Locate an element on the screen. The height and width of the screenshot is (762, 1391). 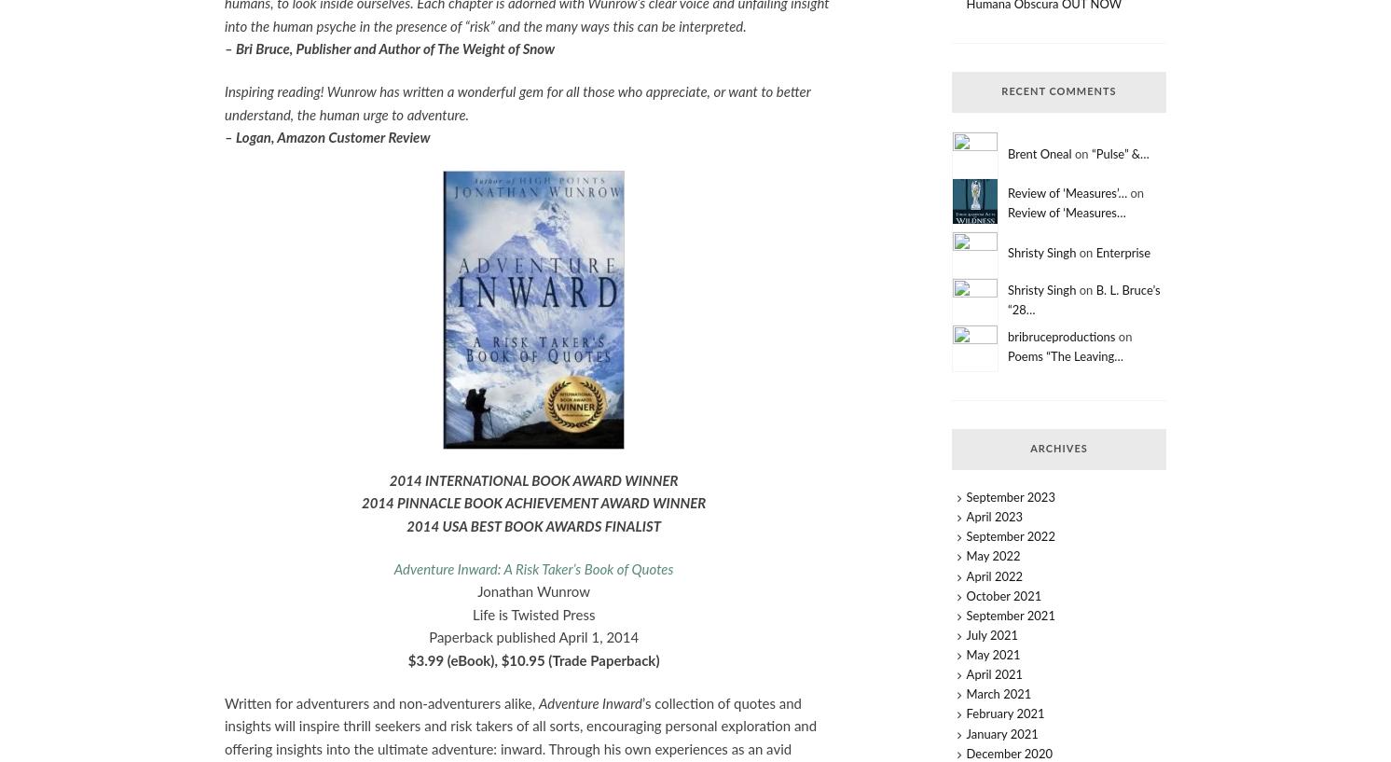
'April 2022' is located at coordinates (994, 576).